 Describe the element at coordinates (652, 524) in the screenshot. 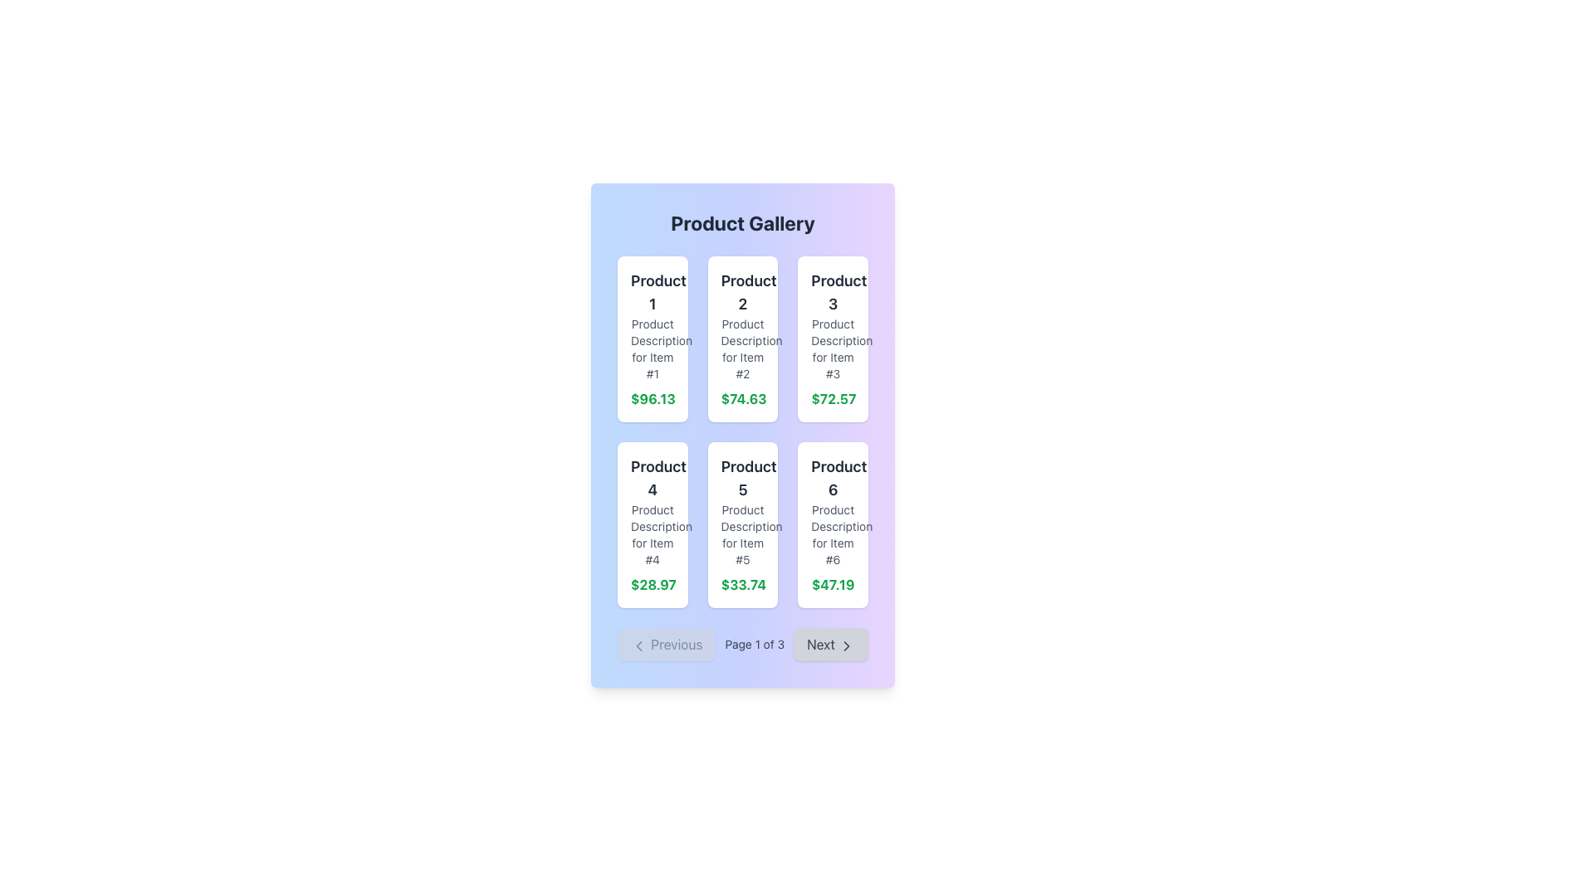

I see `details of the product from the text block containing information about 'Product 4', located in the second row, first column of the product gallery grid` at that location.